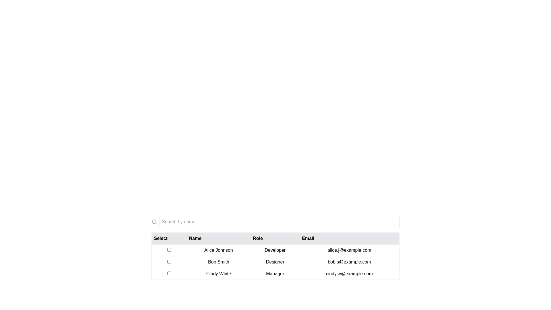 This screenshot has width=551, height=310. Describe the element at coordinates (349, 250) in the screenshot. I see `the email address 'alice.j@example.com' located in the fourth cell of the 'Email' column in the table` at that location.